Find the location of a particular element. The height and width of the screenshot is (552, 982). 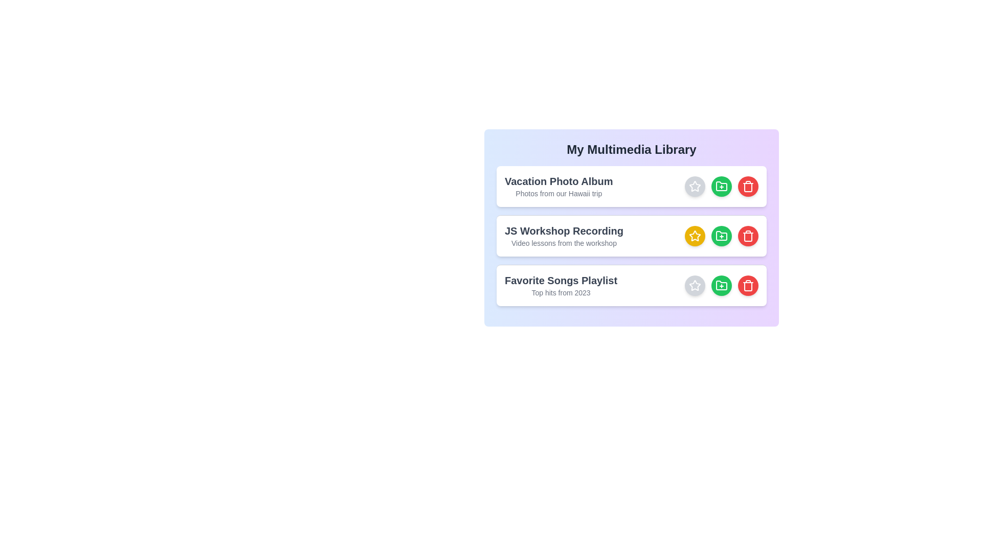

the third button in the horizontal group of controls aligned to the right edge of the 'Favorite Songs Playlist' entry is located at coordinates (721, 286).